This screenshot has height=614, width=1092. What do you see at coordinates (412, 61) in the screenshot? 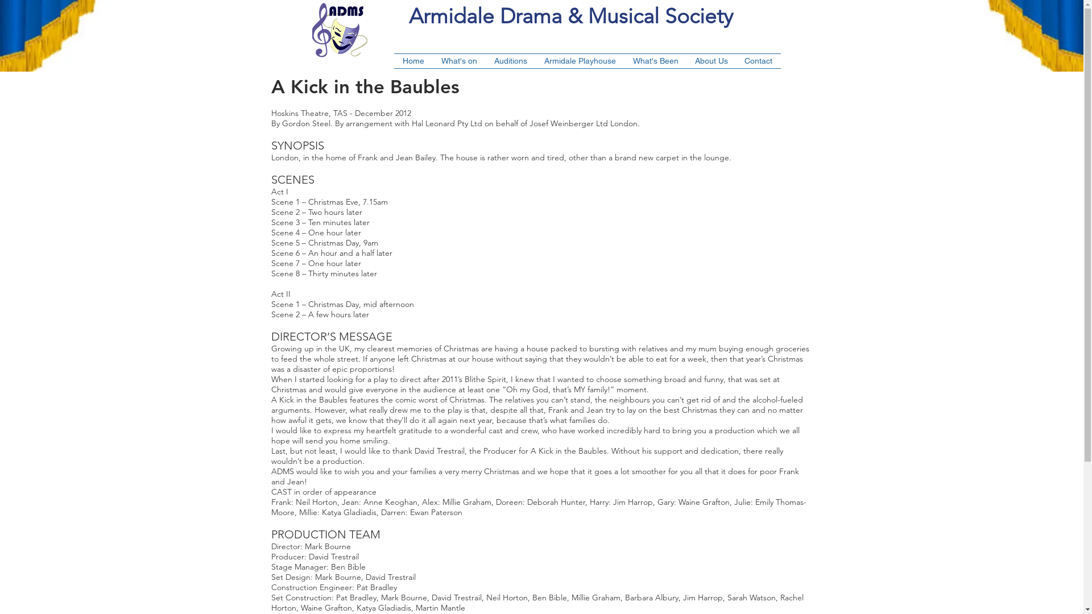
I see `'Home'` at bounding box center [412, 61].